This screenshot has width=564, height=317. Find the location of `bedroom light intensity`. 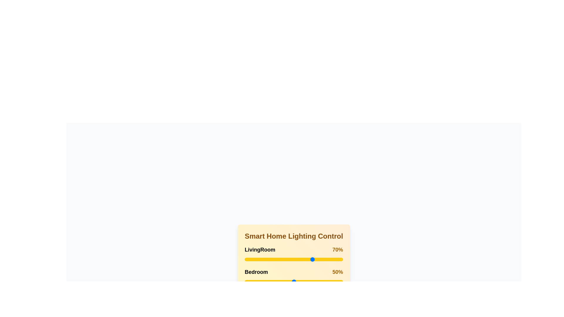

bedroom light intensity is located at coordinates (318, 281).